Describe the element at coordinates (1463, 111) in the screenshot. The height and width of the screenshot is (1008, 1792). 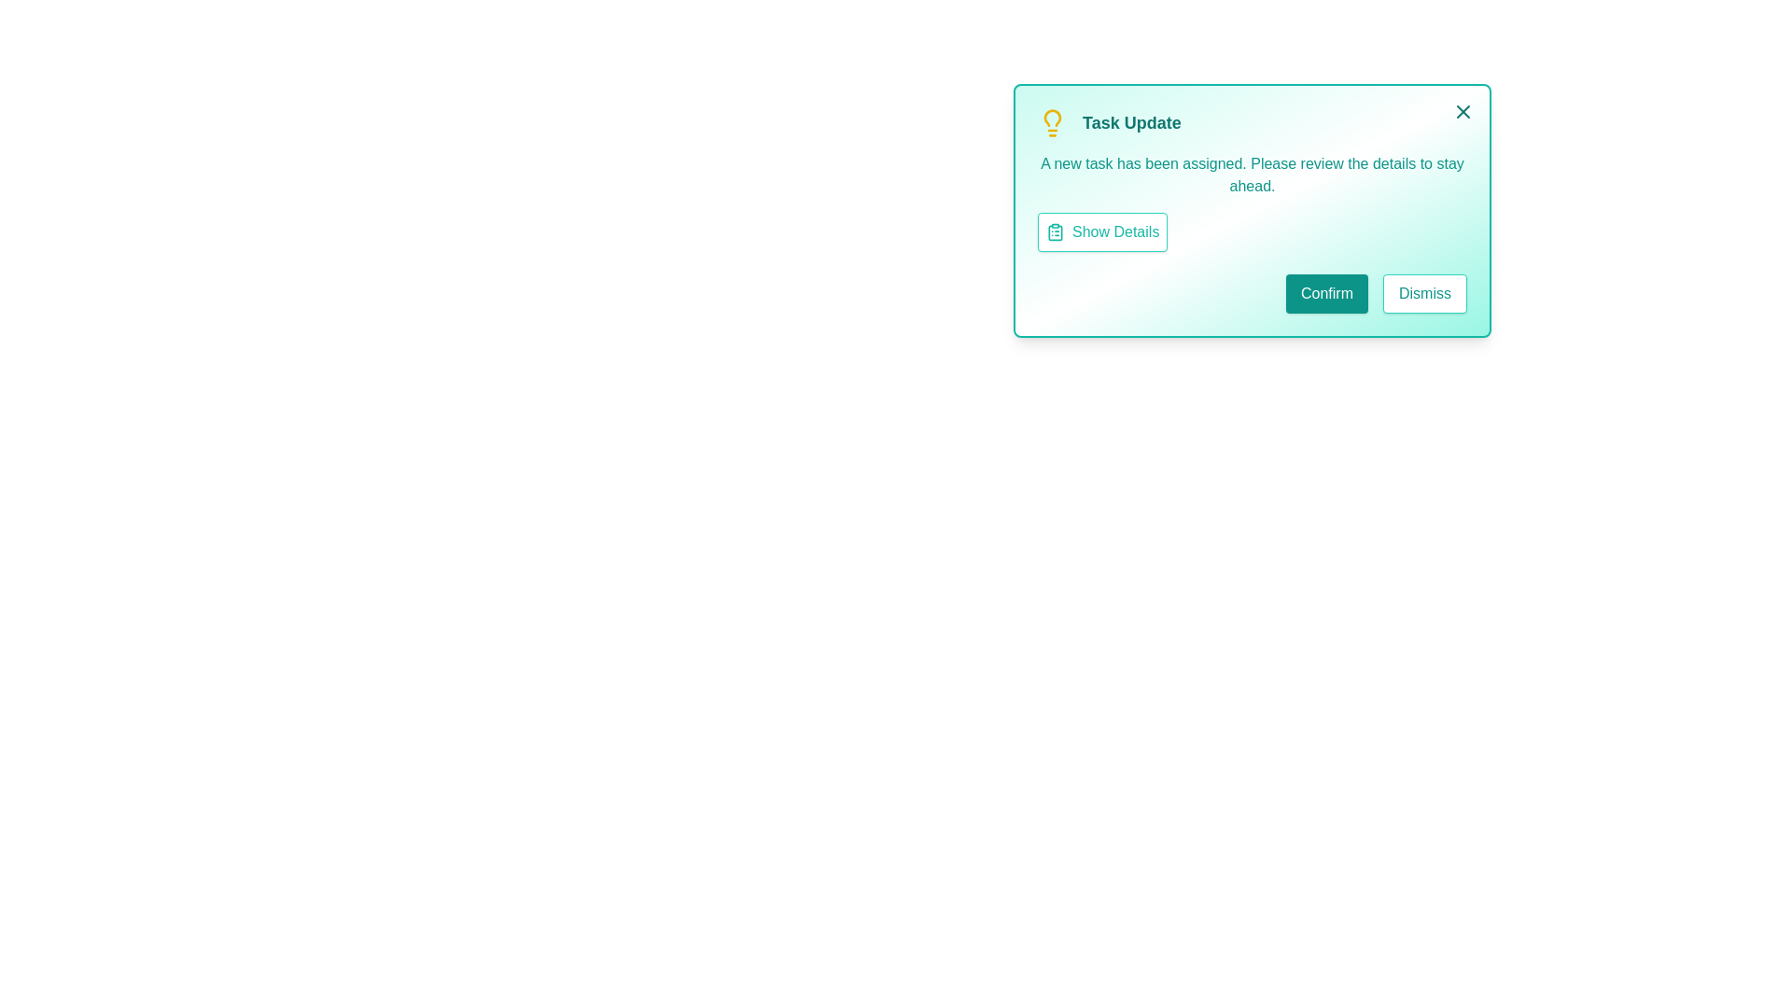
I see `close icon at the top-right corner of the notification alert` at that location.